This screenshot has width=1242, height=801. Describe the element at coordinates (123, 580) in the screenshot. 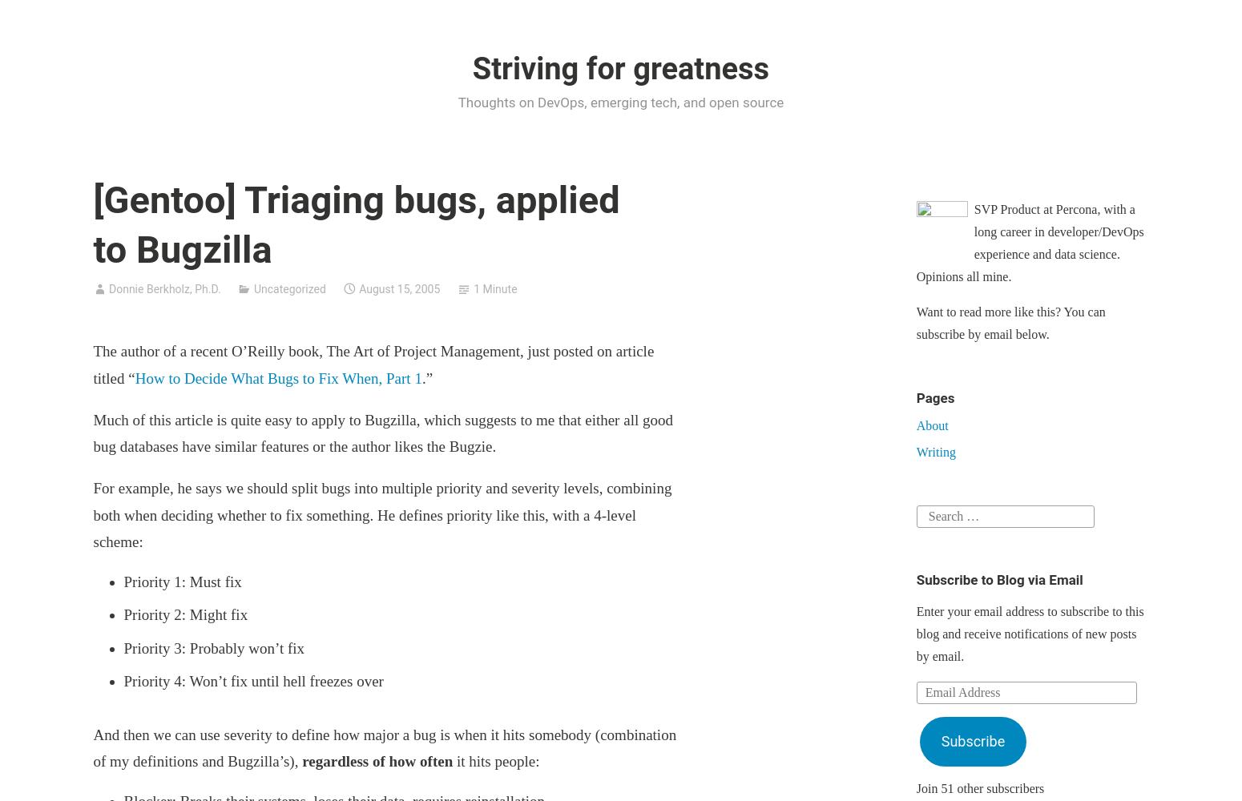

I see `'Priority 1: Must fix'` at that location.